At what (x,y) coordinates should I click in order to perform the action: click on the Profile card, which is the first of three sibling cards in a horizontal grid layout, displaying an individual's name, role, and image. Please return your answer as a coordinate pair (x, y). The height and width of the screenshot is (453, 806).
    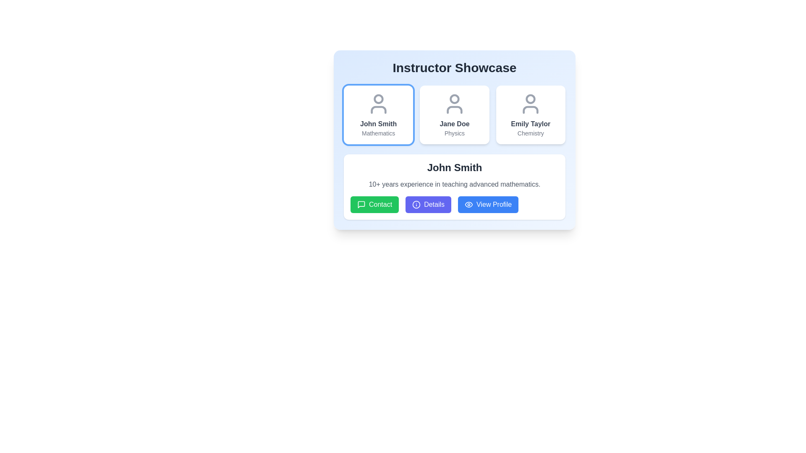
    Looking at the image, I should click on (378, 115).